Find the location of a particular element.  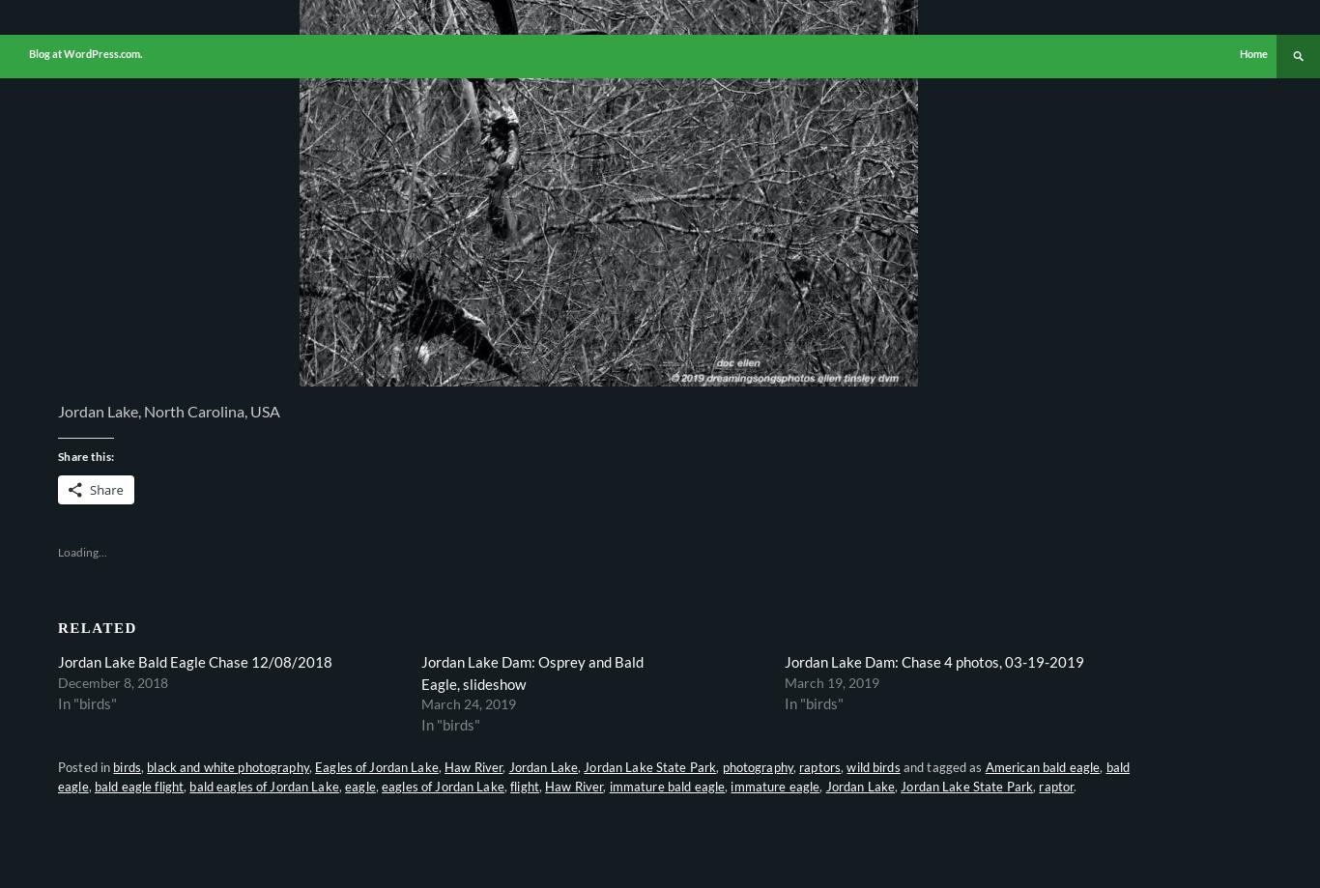

'bald eagle' is located at coordinates (57, 777).